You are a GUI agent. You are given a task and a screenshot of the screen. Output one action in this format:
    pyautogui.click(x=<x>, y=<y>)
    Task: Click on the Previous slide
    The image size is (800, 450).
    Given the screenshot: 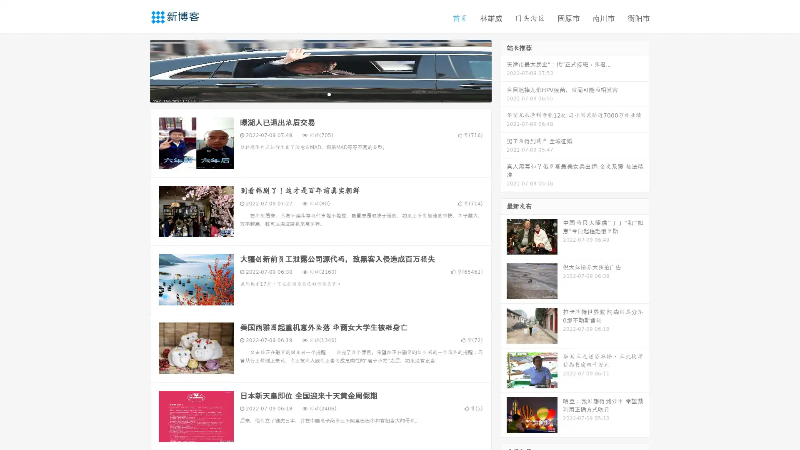 What is the action you would take?
    pyautogui.click(x=137, y=70)
    